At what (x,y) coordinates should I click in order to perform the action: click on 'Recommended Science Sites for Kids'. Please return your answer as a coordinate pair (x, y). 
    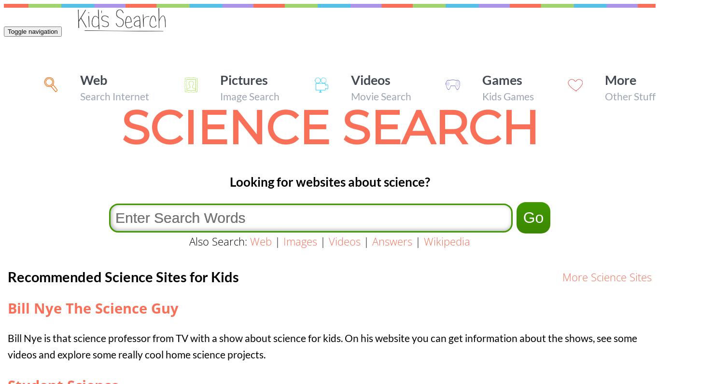
    Looking at the image, I should click on (123, 276).